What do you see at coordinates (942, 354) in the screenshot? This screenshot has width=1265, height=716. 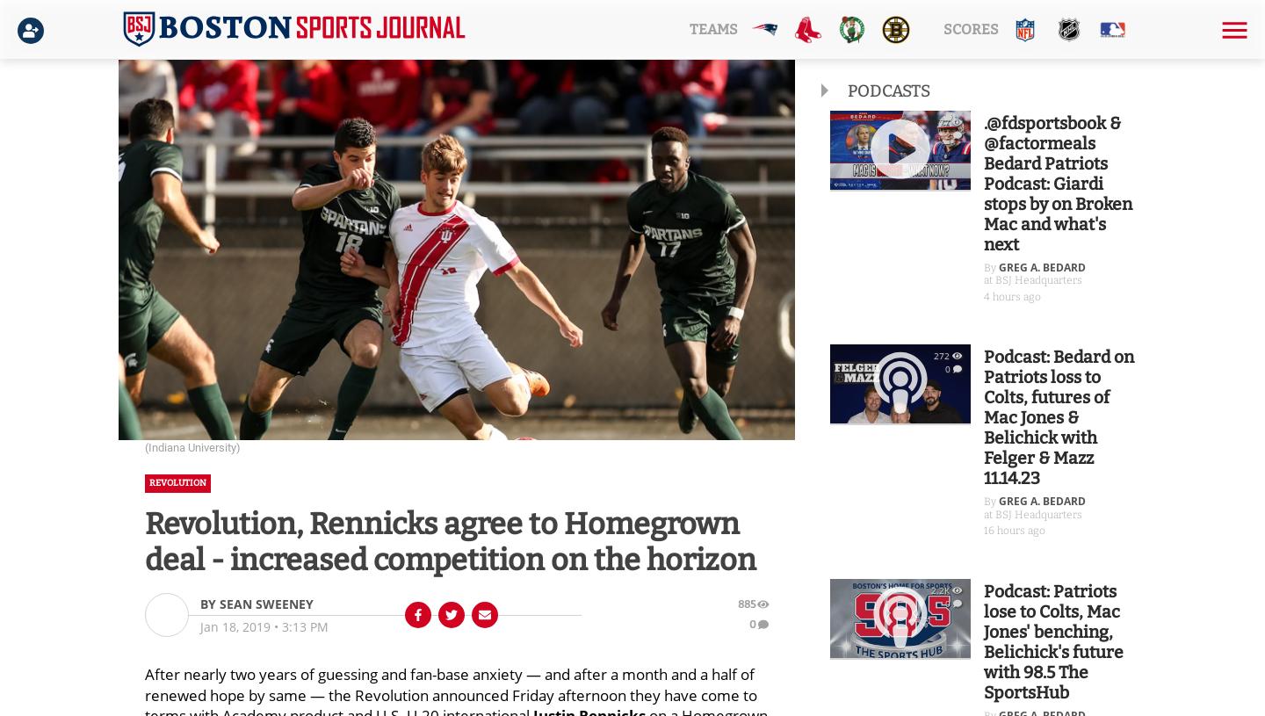 I see `'272'` at bounding box center [942, 354].